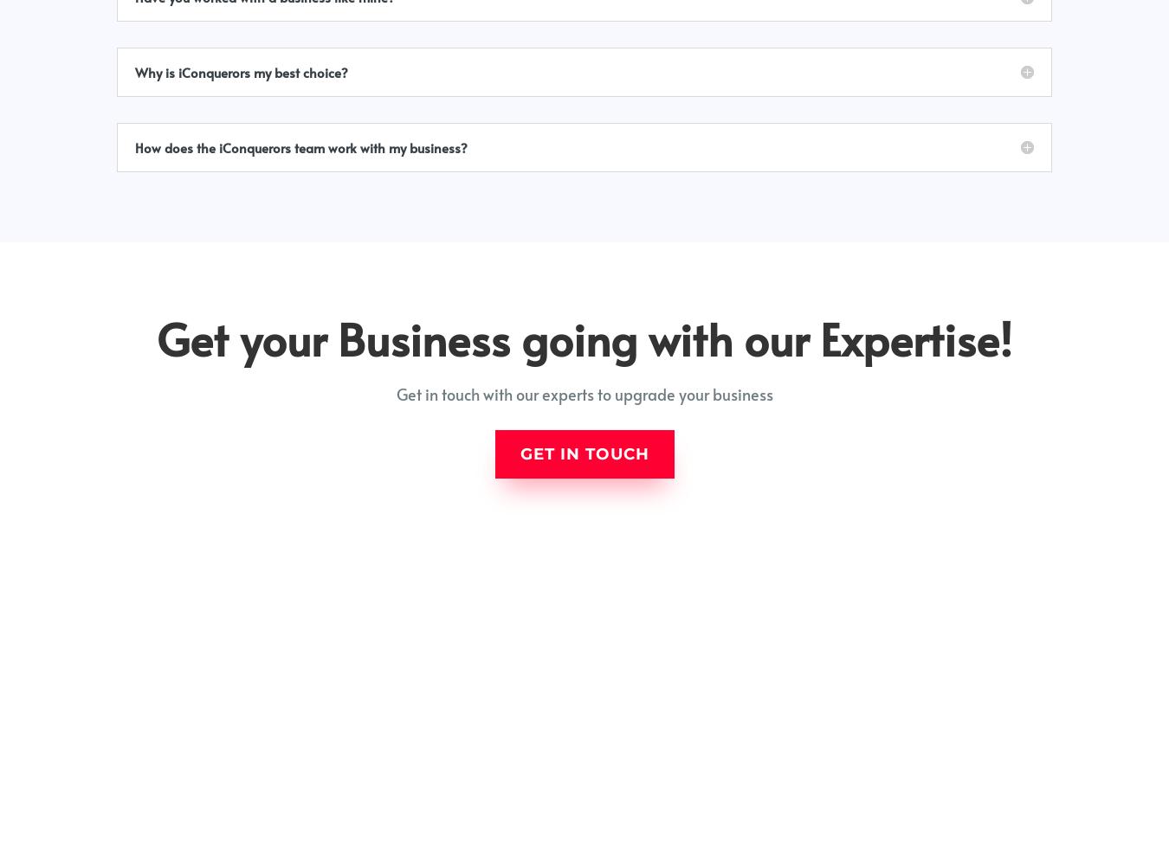 This screenshot has width=1169, height=868. I want to click on '.', so click(1086, 846).